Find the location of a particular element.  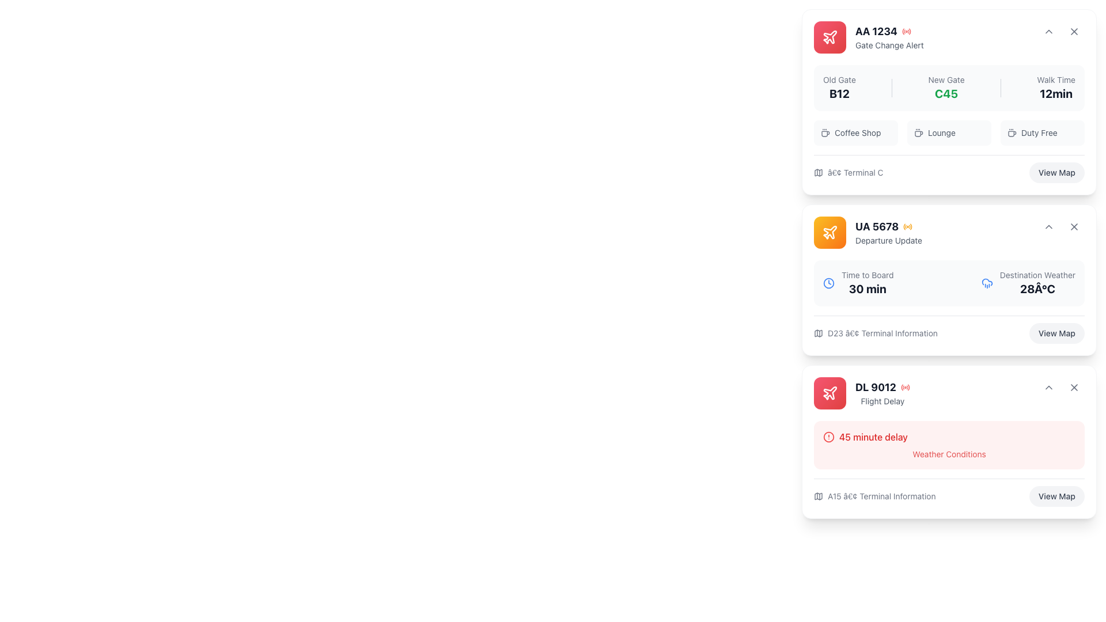

the flight information icon located in the top-left corner of the second notification card titled UA 5678, which has an orange gradient header is located at coordinates (829, 233).